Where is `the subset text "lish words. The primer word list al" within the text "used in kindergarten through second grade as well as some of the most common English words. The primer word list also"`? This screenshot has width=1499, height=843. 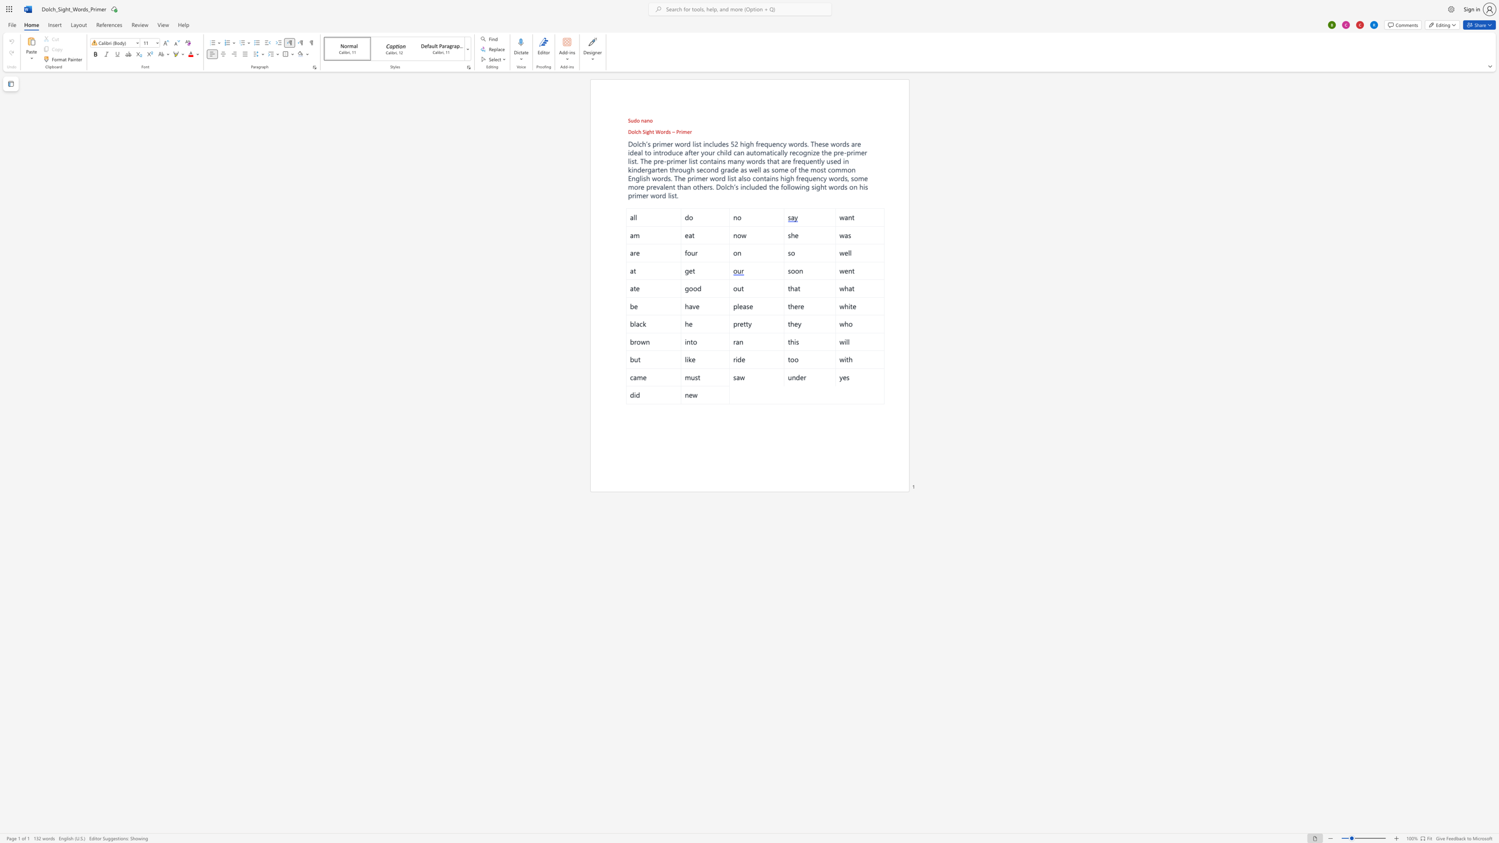 the subset text "lish words. The primer word list al" within the text "used in kindergarten through second grade as well as some of the most common English words. The primer word list also" is located at coordinates (640, 179).